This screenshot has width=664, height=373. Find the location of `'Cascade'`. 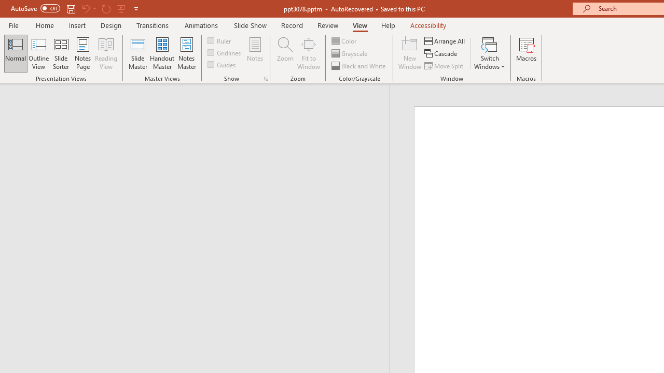

'Cascade' is located at coordinates (441, 53).